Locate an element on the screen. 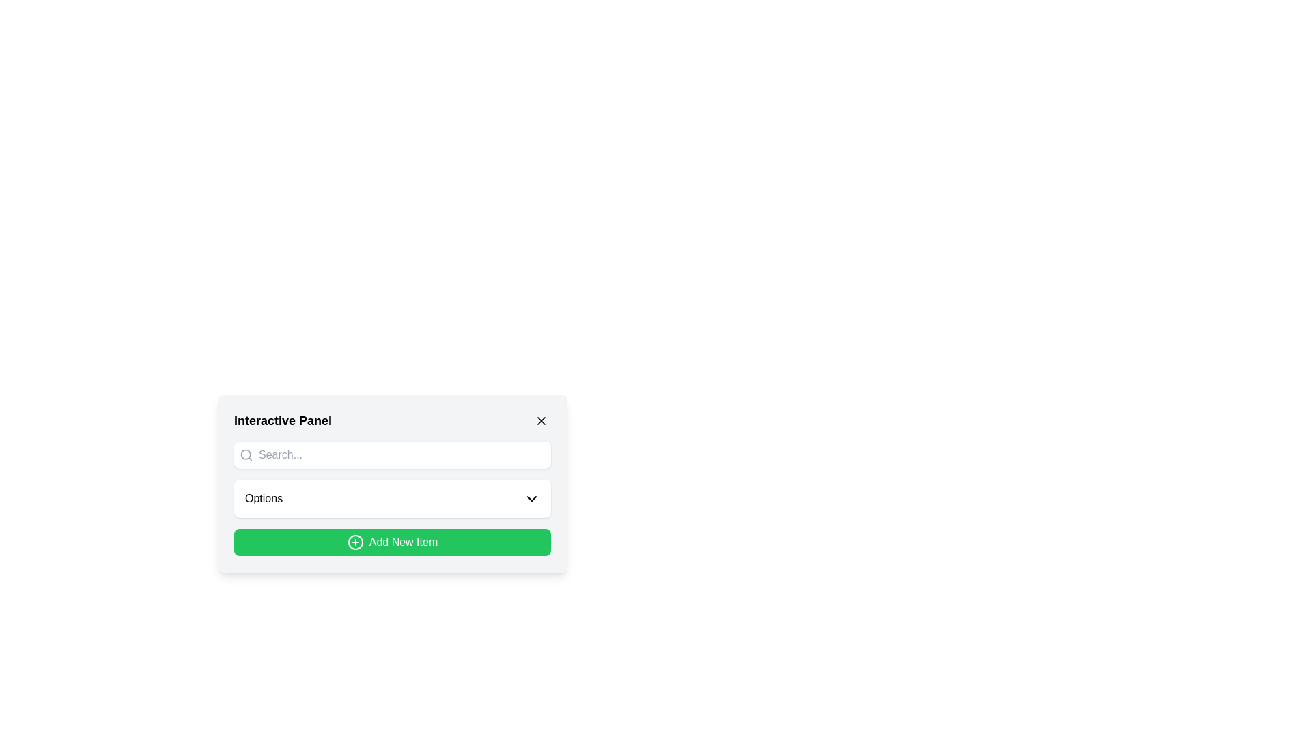  the SVG graphic element that is part of the search icon located to the left of the search text input field in the Interactive Panel is located at coordinates (246, 454).